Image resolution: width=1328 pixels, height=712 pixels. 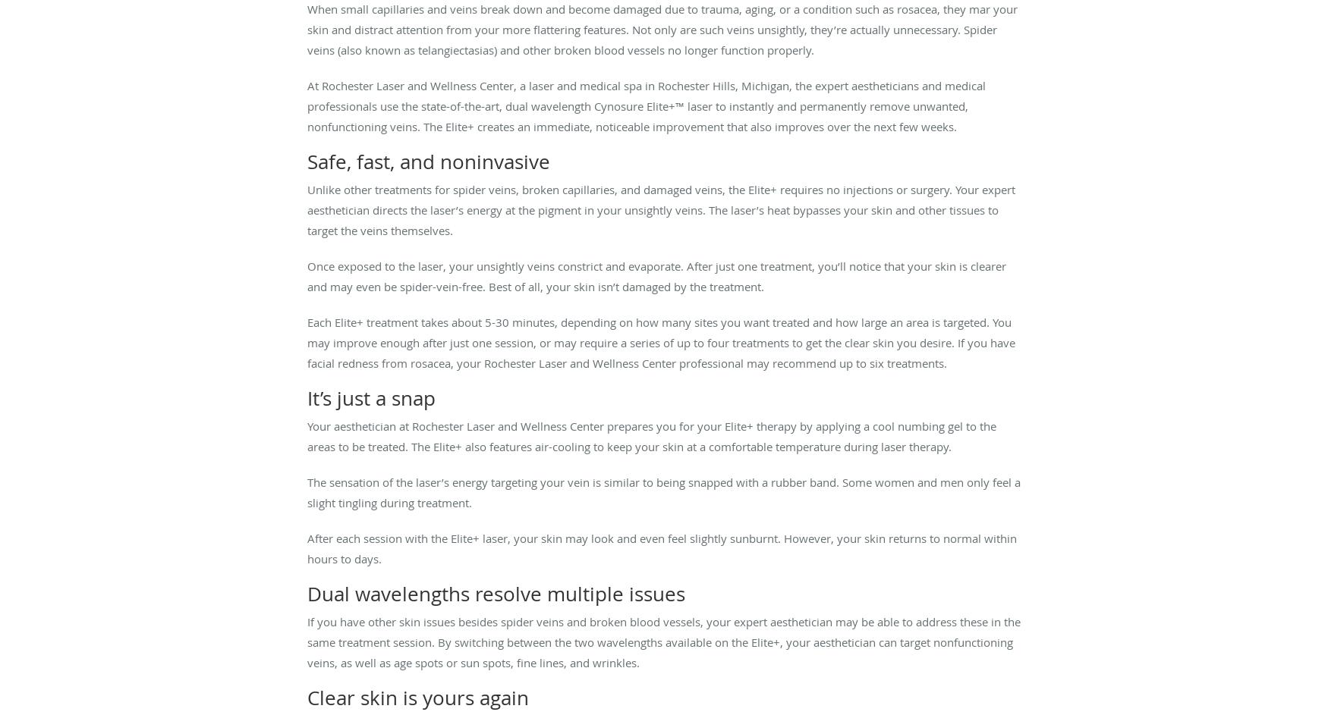 What do you see at coordinates (664, 641) in the screenshot?
I see `'If you have other skin issues besides spider veins and broken blood vessels, your expert aesthetician may be able to address these in the same treatment session. By switching between the two wavelengths available on the Elite+, your aesthetician can target nonfunctioning veins, as well as age spots or sun spots, fine lines, and wrinkles.'` at bounding box center [664, 641].